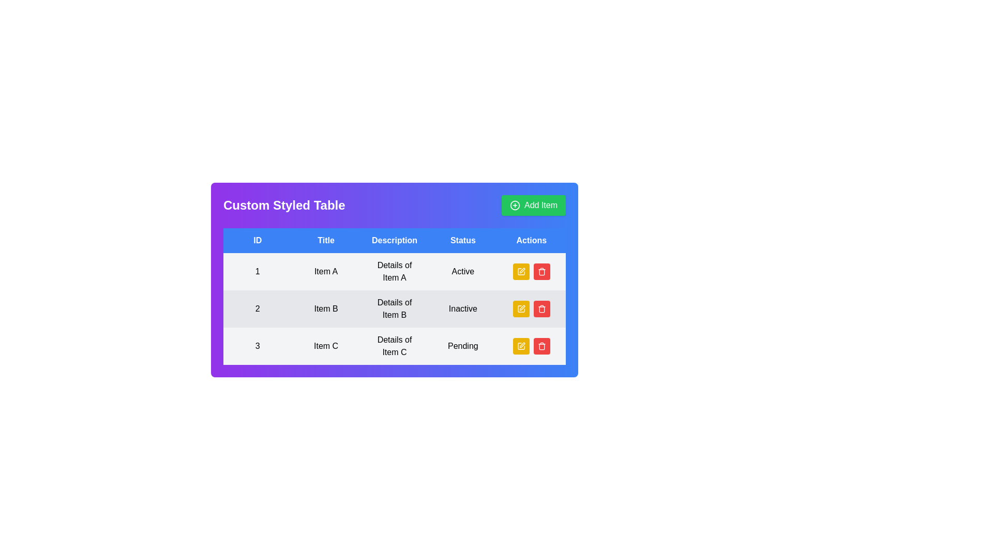 The height and width of the screenshot is (559, 993). What do you see at coordinates (521, 308) in the screenshot?
I see `the edit button in the 'Actions' column for the second row of the table associated with 'Item B' to observe any hover effects` at bounding box center [521, 308].